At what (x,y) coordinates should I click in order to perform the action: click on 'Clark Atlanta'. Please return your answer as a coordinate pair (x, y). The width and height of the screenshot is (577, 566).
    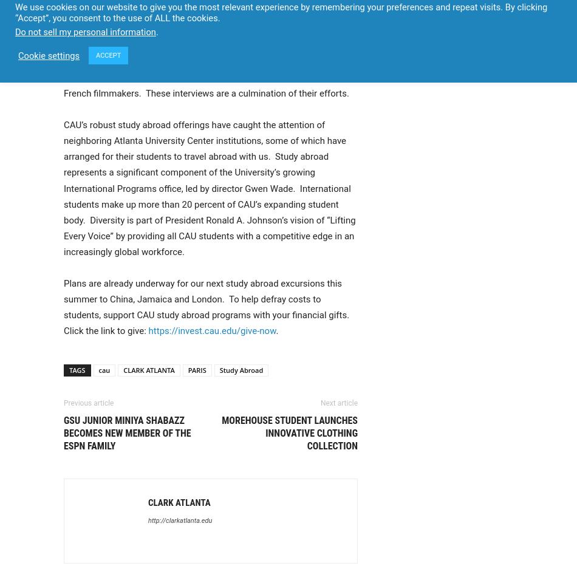
    Looking at the image, I should click on (178, 502).